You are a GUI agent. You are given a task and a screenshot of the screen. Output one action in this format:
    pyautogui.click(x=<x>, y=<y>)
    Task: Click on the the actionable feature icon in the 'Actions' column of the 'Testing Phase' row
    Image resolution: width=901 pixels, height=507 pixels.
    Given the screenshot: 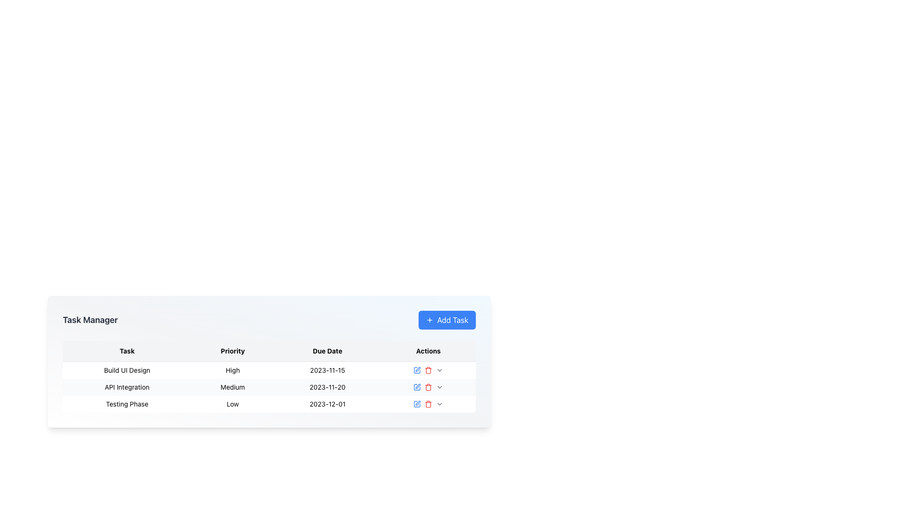 What is the action you would take?
    pyautogui.click(x=418, y=403)
    